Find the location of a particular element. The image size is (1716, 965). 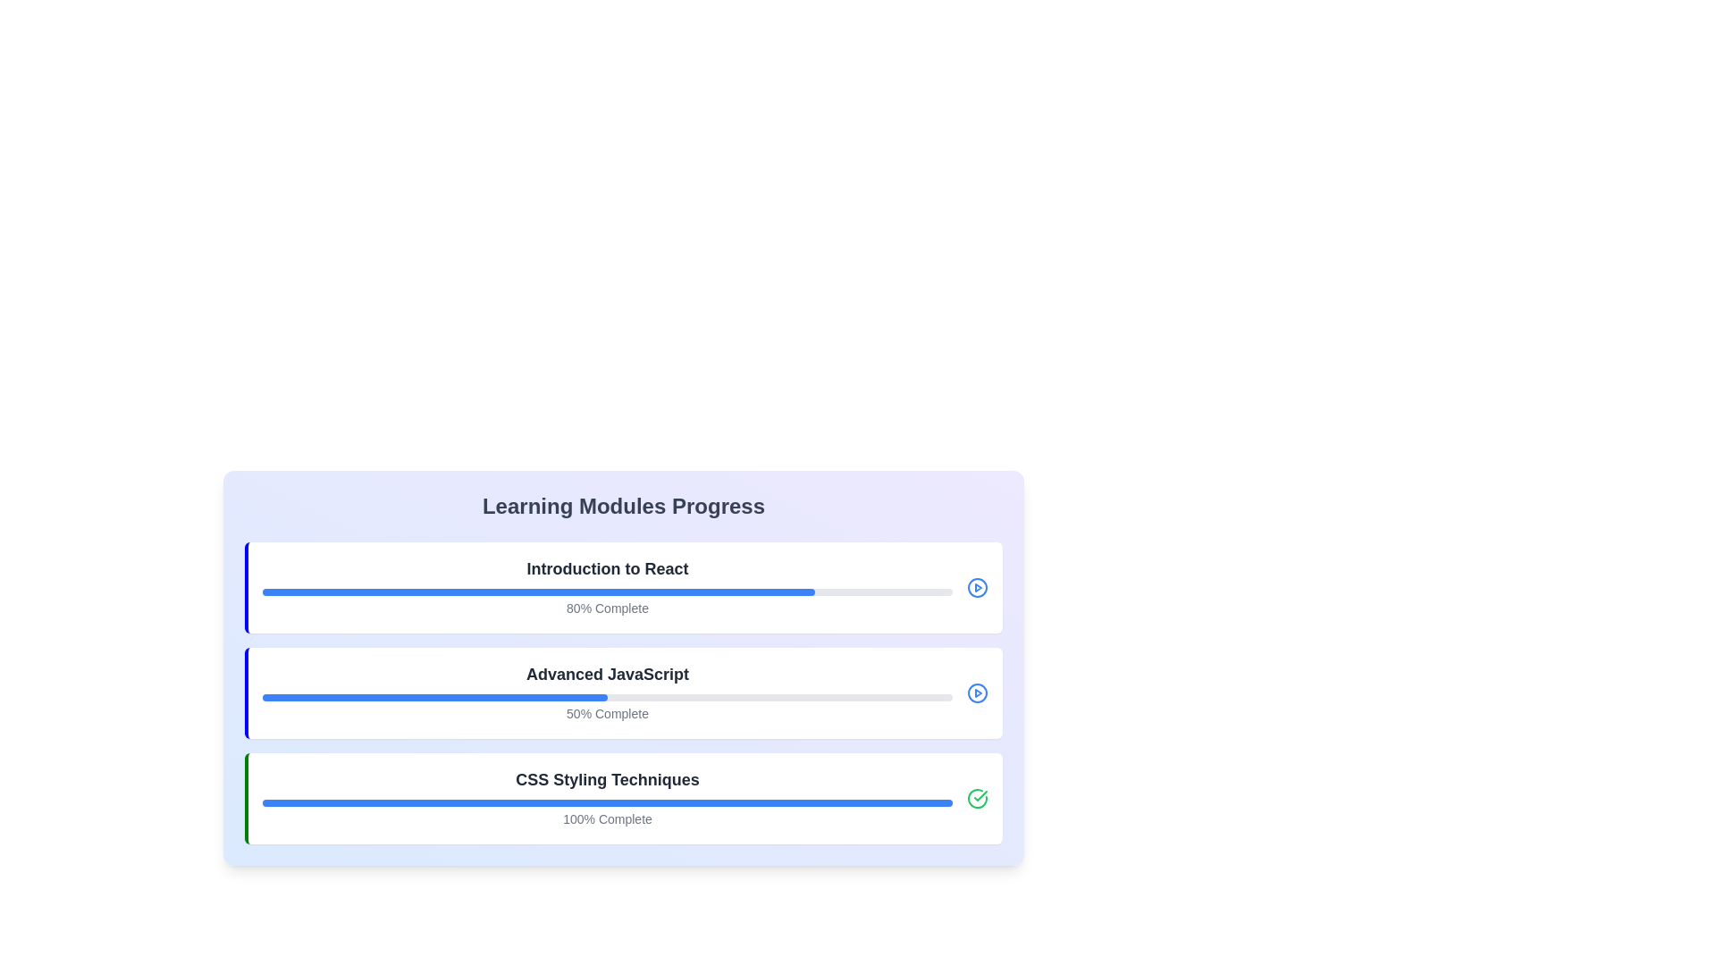

the horizontal progress bar representing 50% completion for 'Advanced JavaScript', which is styled with a light gray background and a blue indicator, located between the titles 'Advanced JavaScript' and '50% Complete' is located at coordinates (608, 696).